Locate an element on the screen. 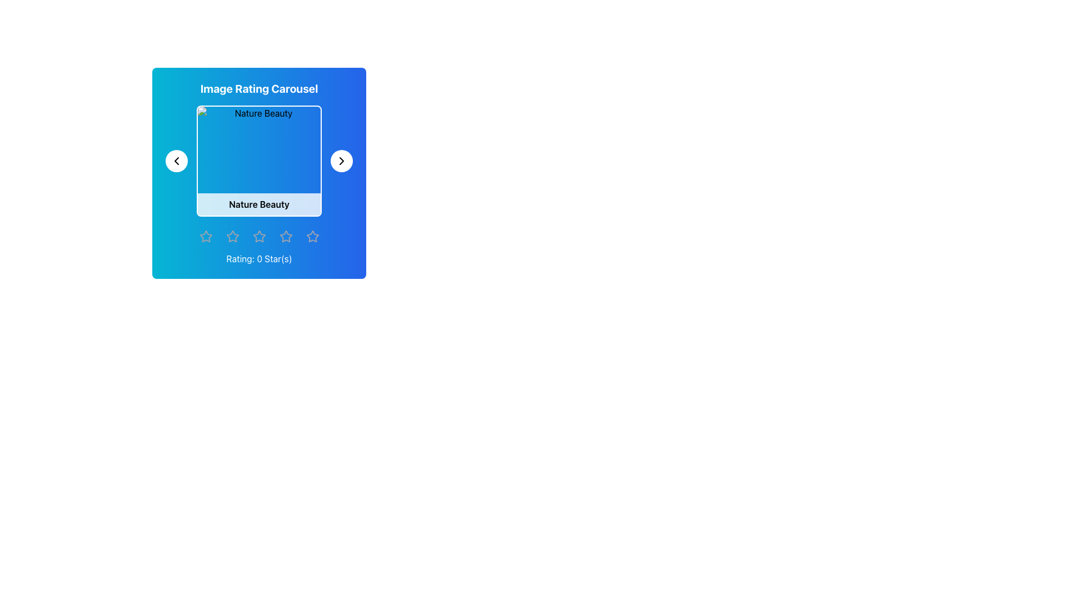  the left arrow icon button, which is styled with a thin black stroke and located inside a circular button with a white background in the upper left section of the carousel UI layout is located at coordinates (176, 161).